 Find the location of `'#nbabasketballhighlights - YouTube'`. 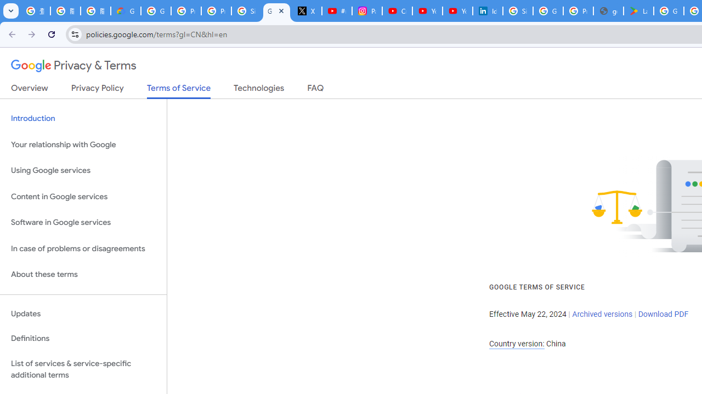

'#nbabasketballhighlights - YouTube' is located at coordinates (337, 11).